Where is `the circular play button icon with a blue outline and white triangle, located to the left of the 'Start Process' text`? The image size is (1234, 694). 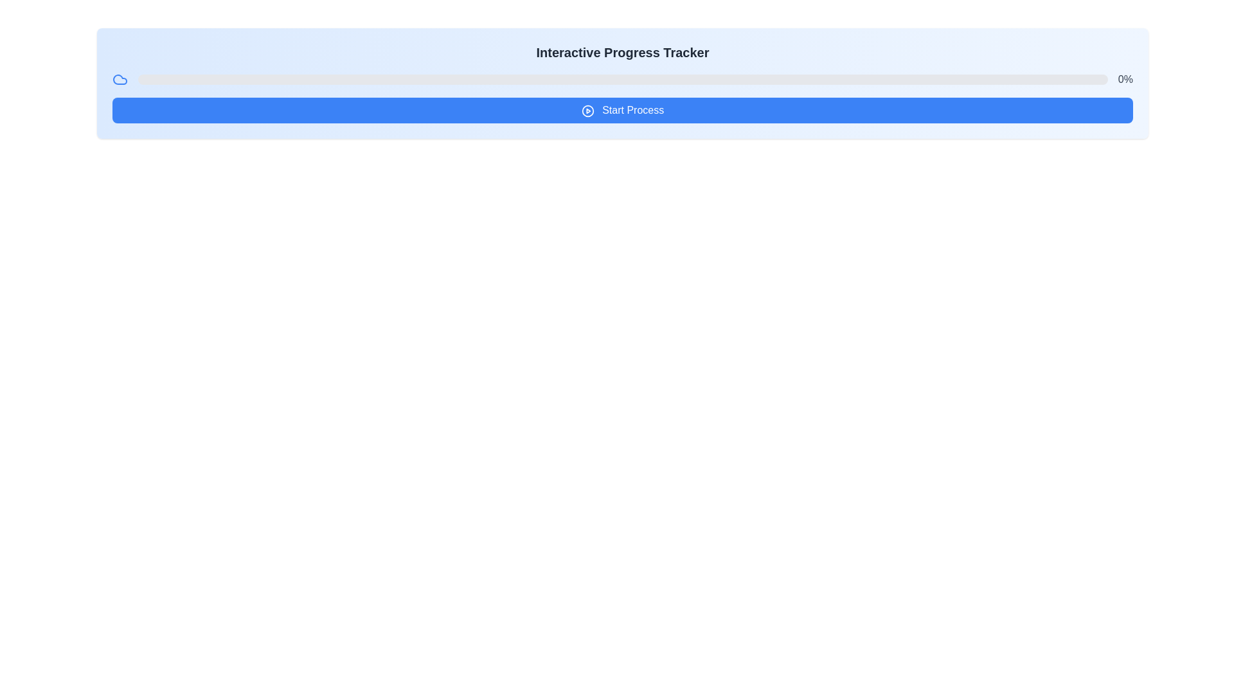 the circular play button icon with a blue outline and white triangle, located to the left of the 'Start Process' text is located at coordinates (587, 110).